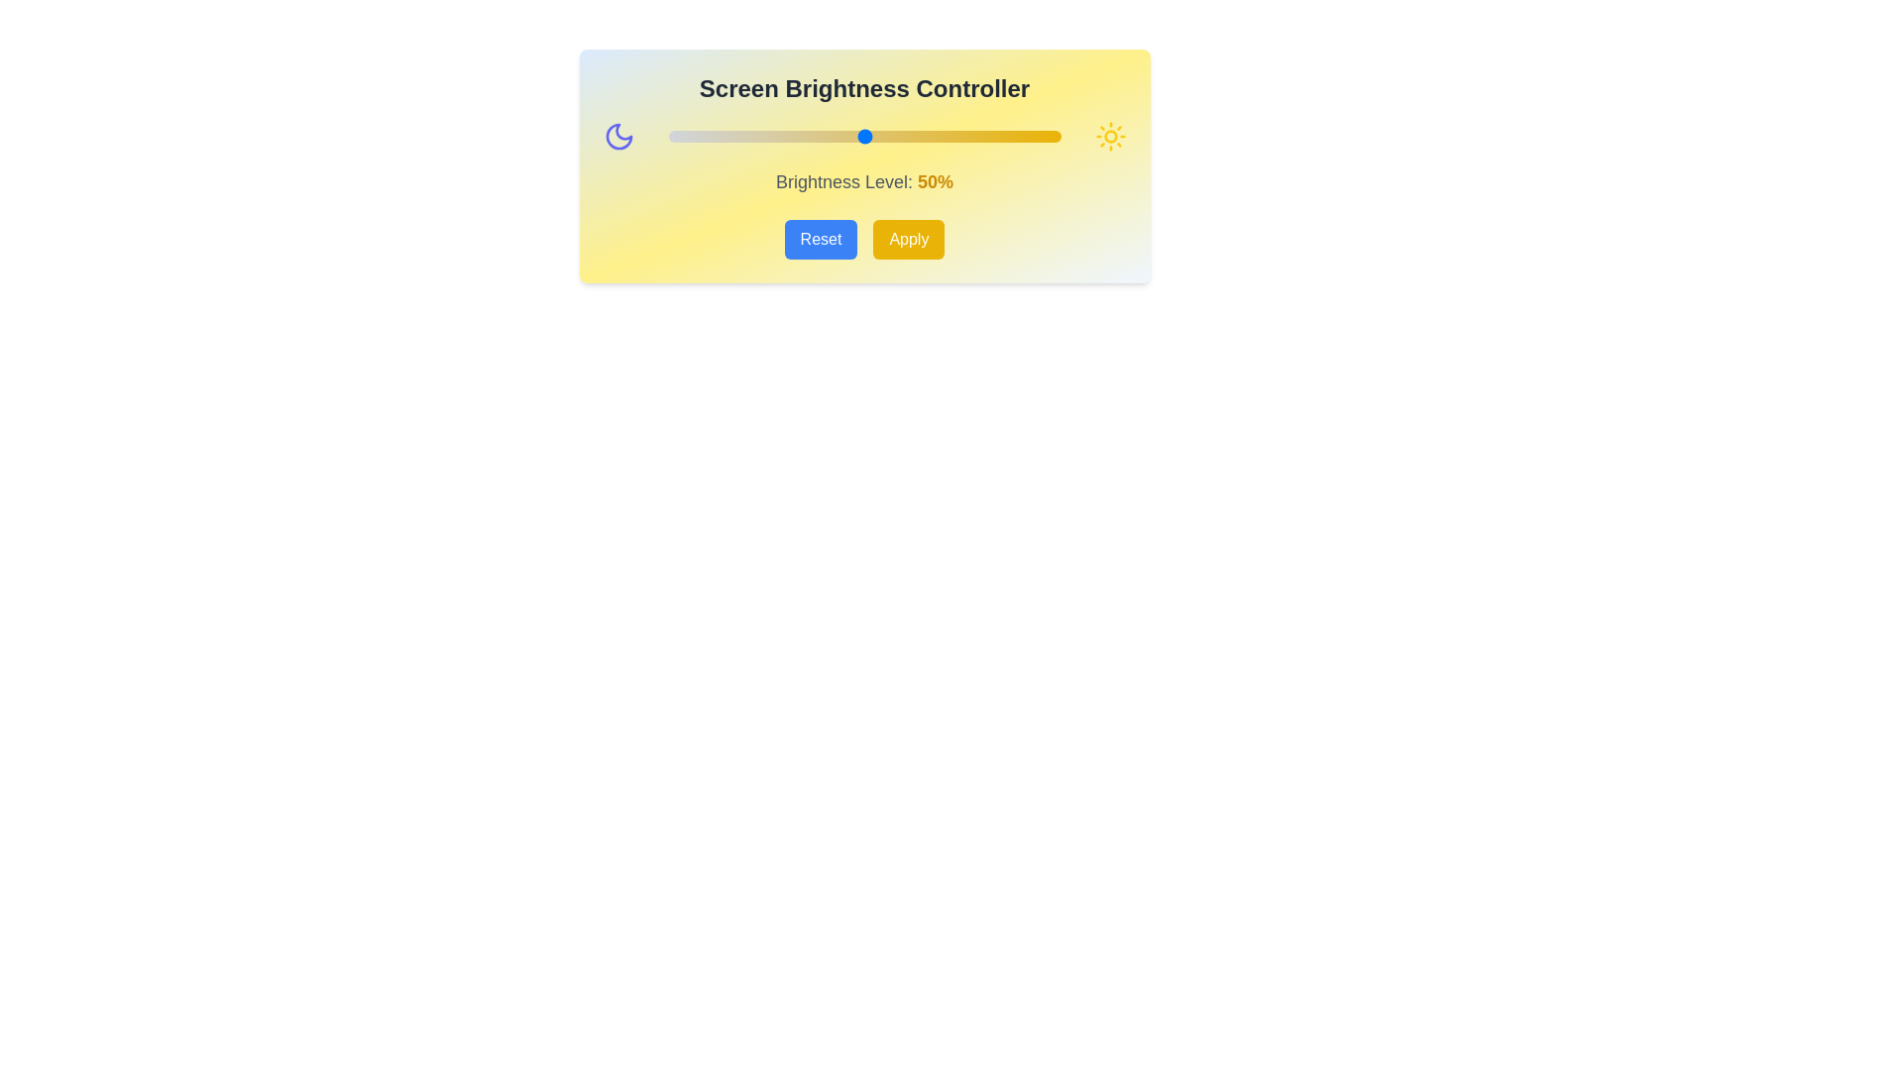 This screenshot has width=1903, height=1070. I want to click on the brightness slider to set the brightness level to 90%, so click(1021, 136).